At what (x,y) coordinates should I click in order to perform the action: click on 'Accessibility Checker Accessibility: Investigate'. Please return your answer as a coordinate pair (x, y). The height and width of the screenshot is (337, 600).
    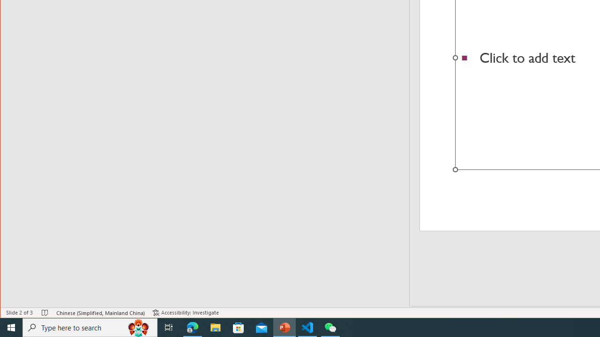
    Looking at the image, I should click on (186, 313).